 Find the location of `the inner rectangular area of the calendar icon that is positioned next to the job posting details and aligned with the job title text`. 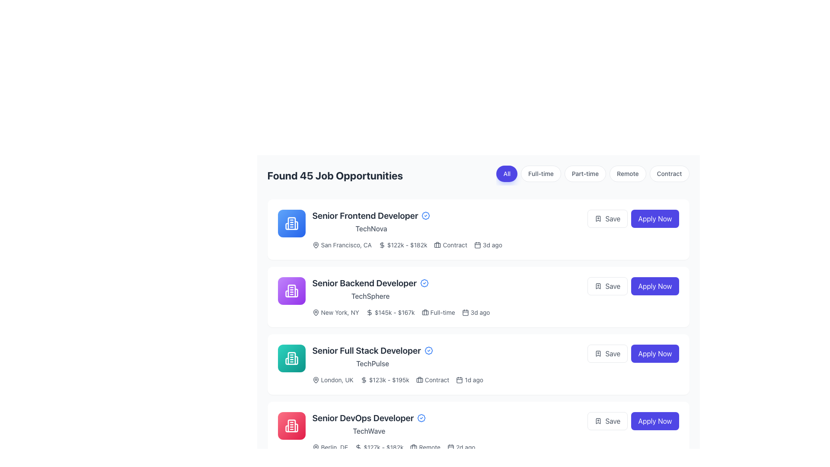

the inner rectangular area of the calendar icon that is positioned next to the job posting details and aligned with the job title text is located at coordinates (459, 380).